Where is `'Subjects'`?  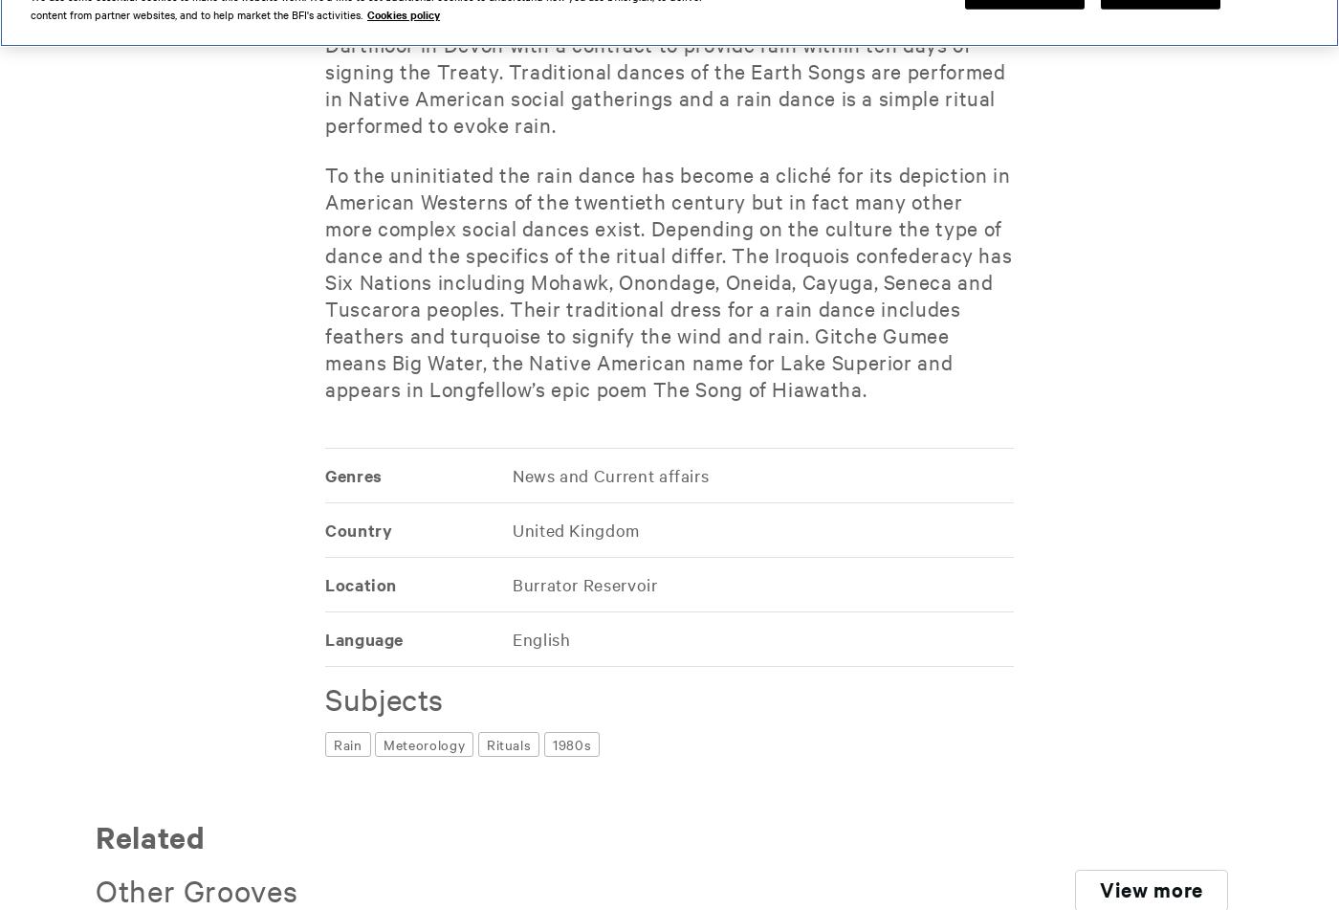
'Subjects' is located at coordinates (384, 699).